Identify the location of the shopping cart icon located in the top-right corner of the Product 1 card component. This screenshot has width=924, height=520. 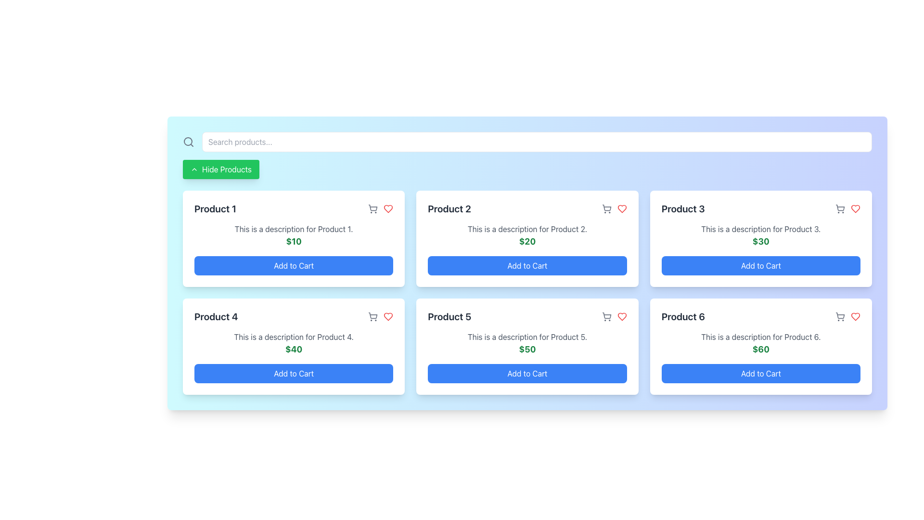
(372, 207).